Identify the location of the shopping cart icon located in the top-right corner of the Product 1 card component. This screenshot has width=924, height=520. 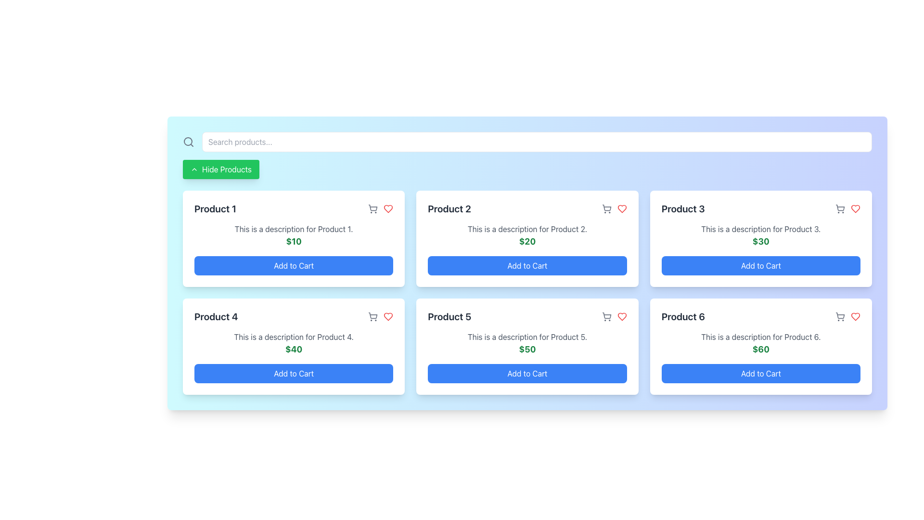
(372, 207).